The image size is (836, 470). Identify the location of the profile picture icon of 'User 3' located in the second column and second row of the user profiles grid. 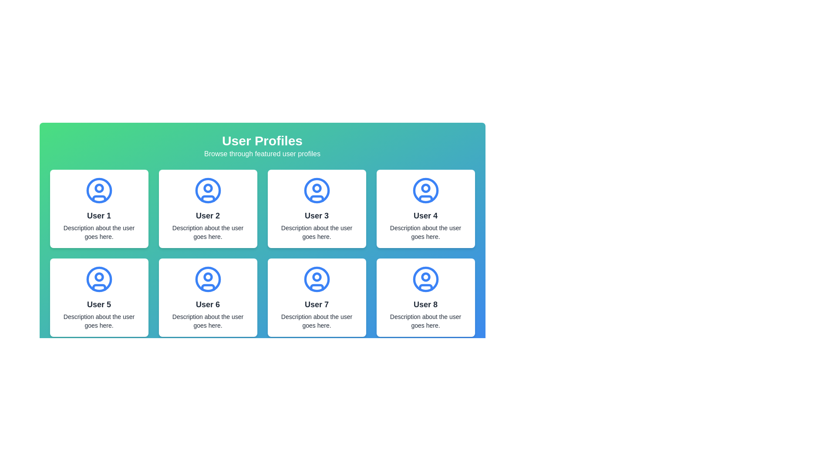
(316, 190).